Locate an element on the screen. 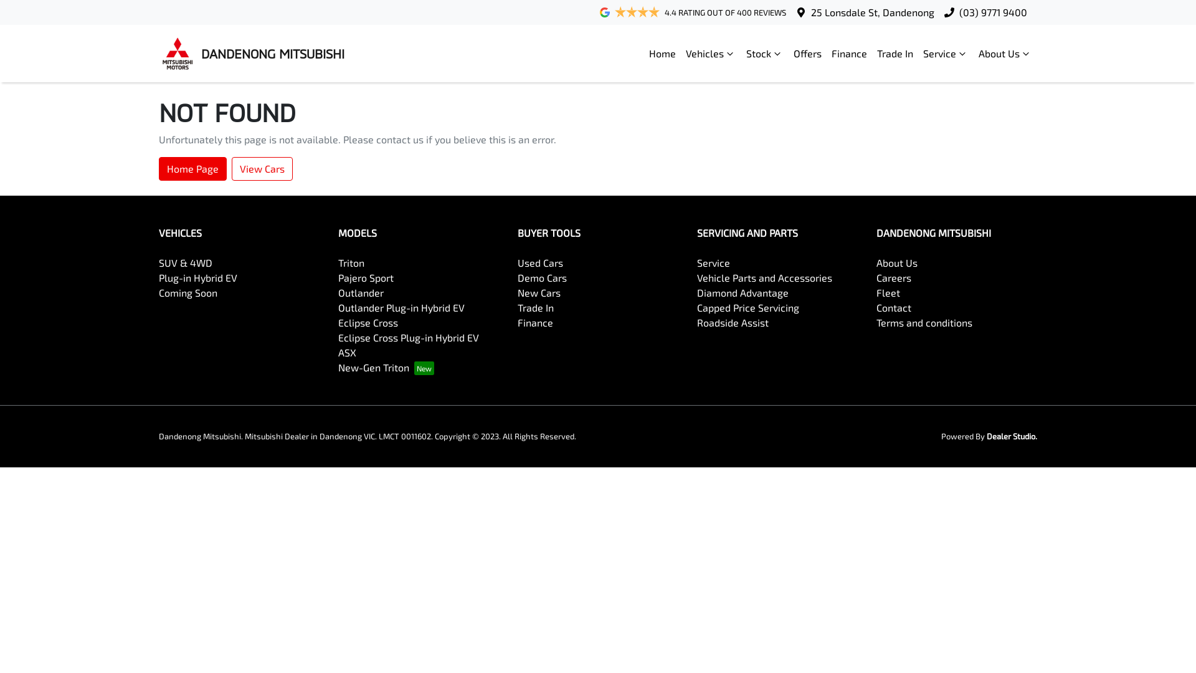 The width and height of the screenshot is (1196, 673). 'Dealer Studio.' is located at coordinates (1012, 435).